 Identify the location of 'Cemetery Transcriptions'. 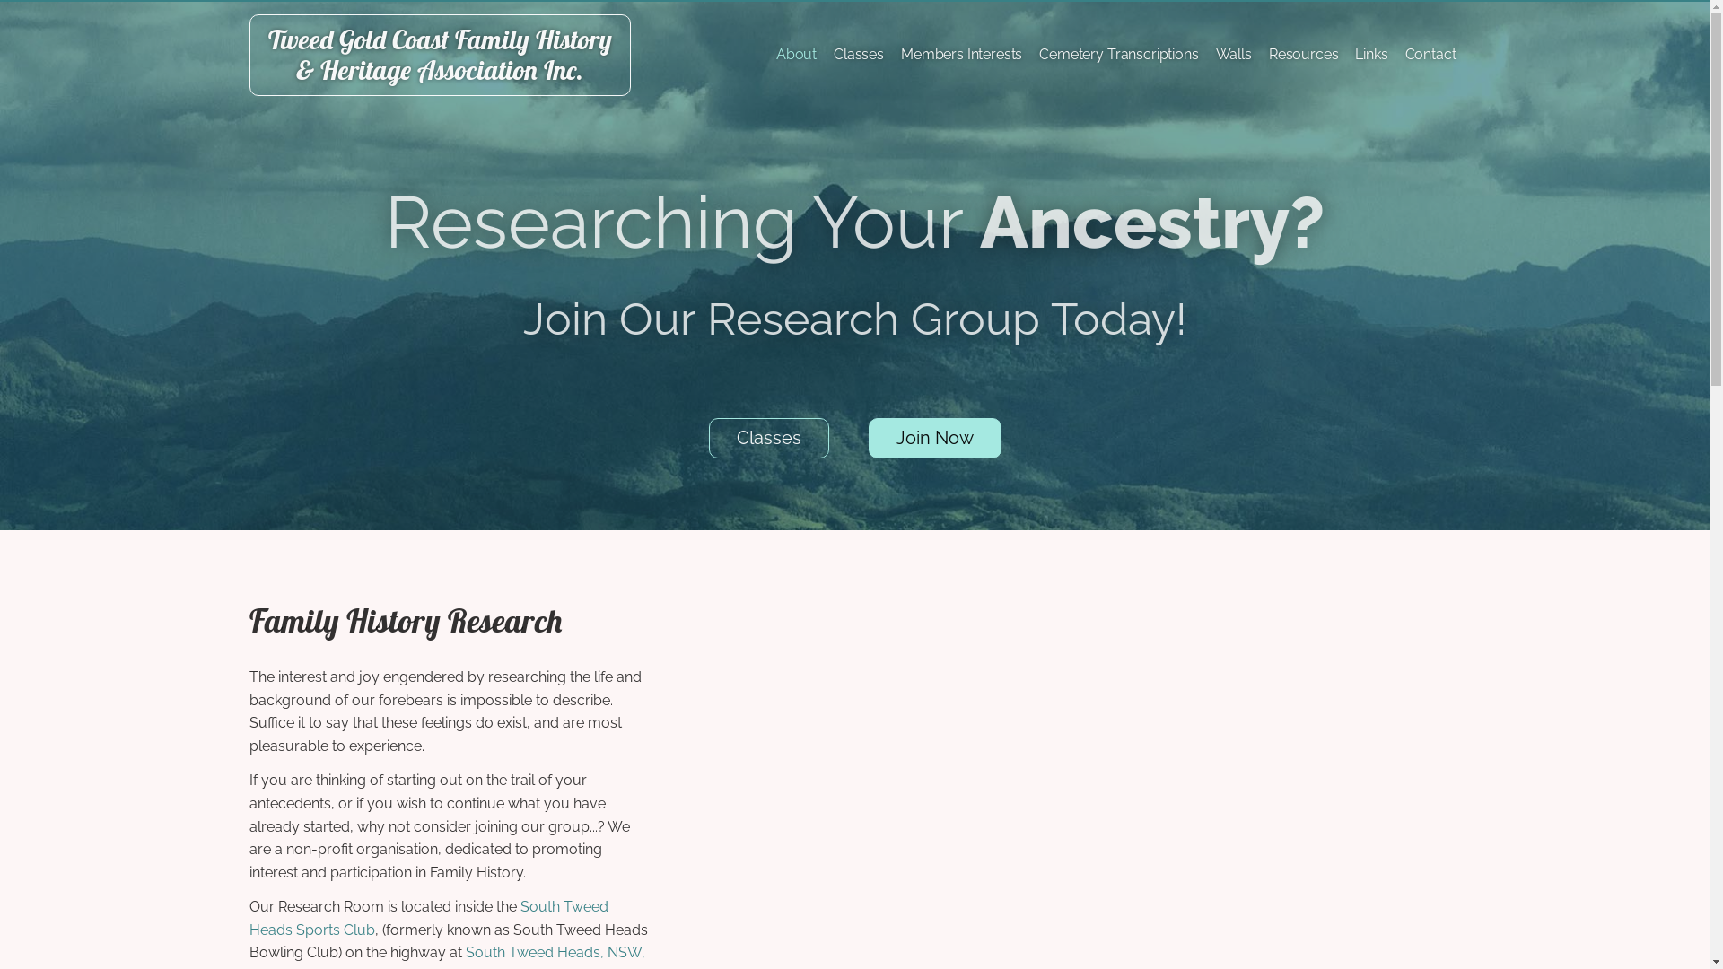
(1034, 54).